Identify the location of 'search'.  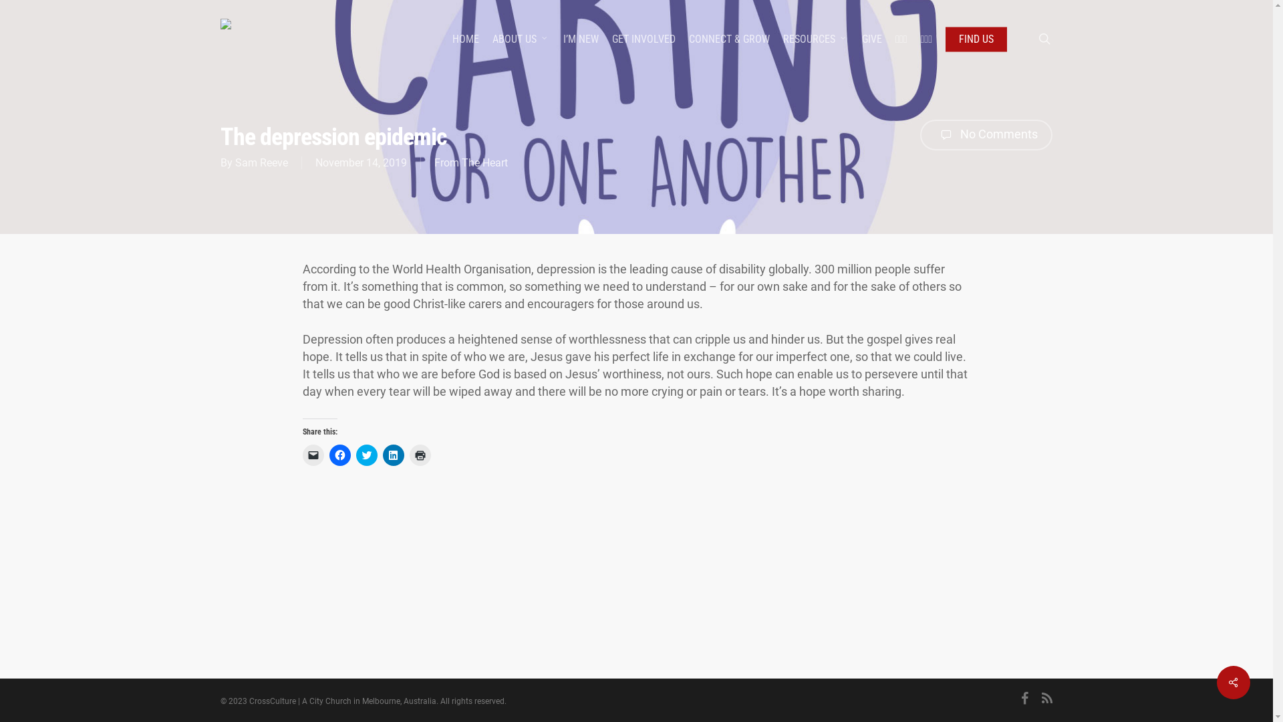
(1044, 37).